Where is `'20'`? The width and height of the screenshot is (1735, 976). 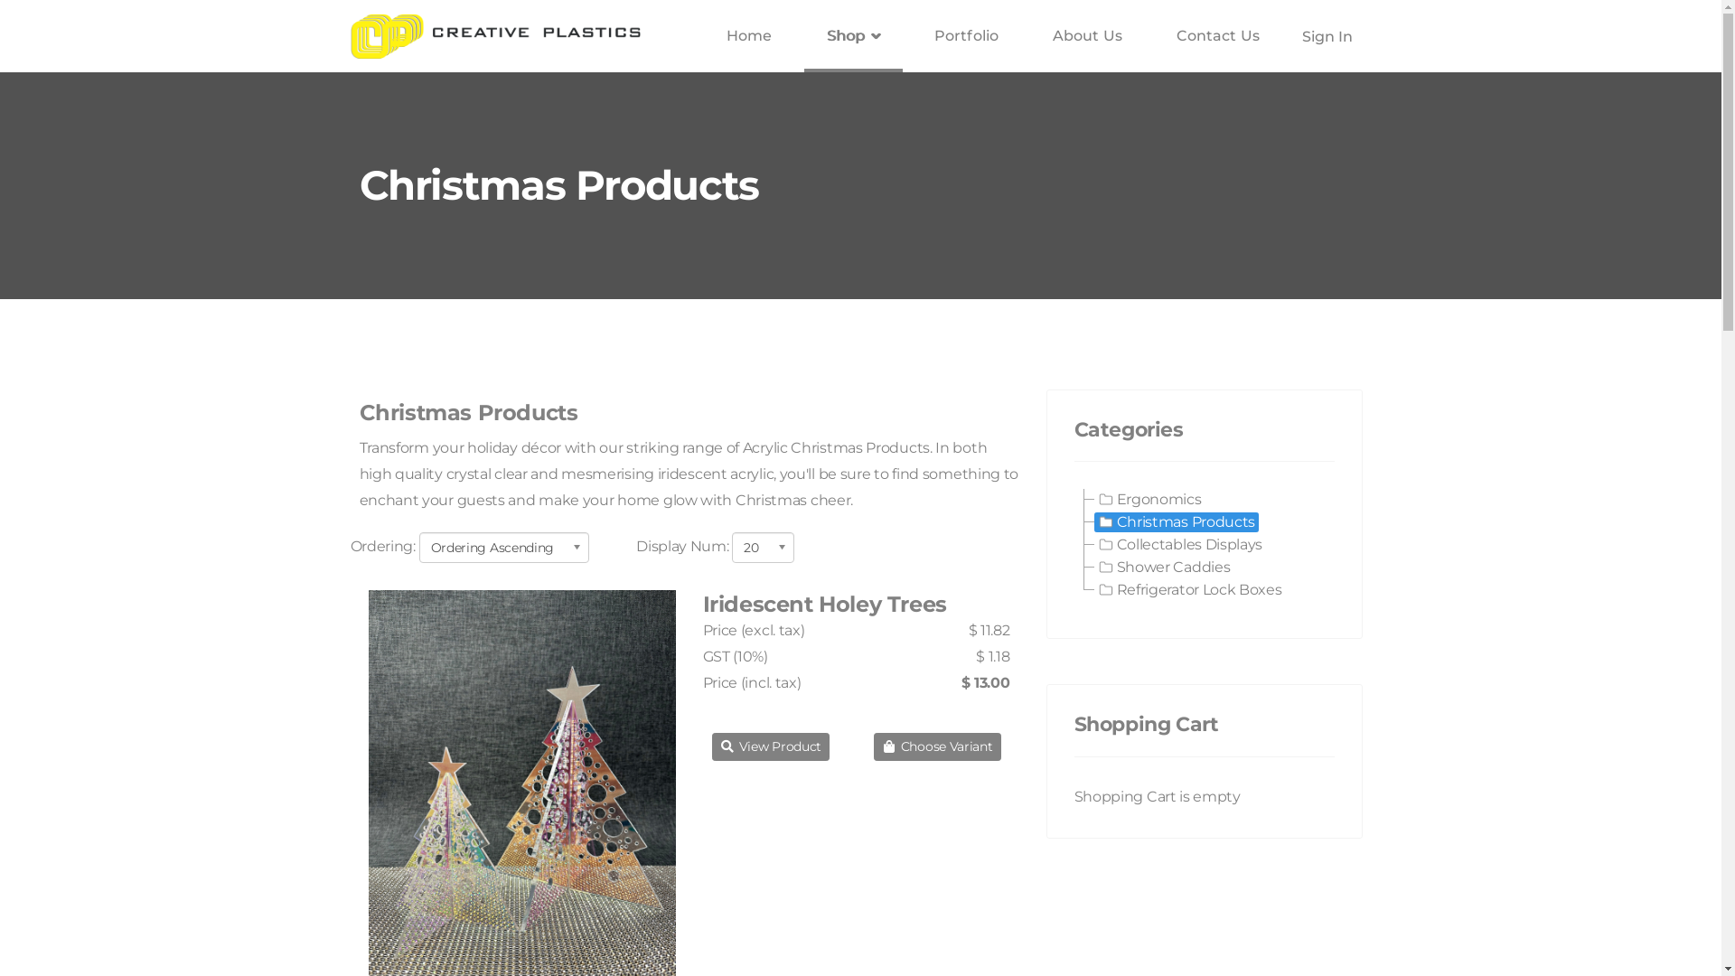
'20' is located at coordinates (732, 546).